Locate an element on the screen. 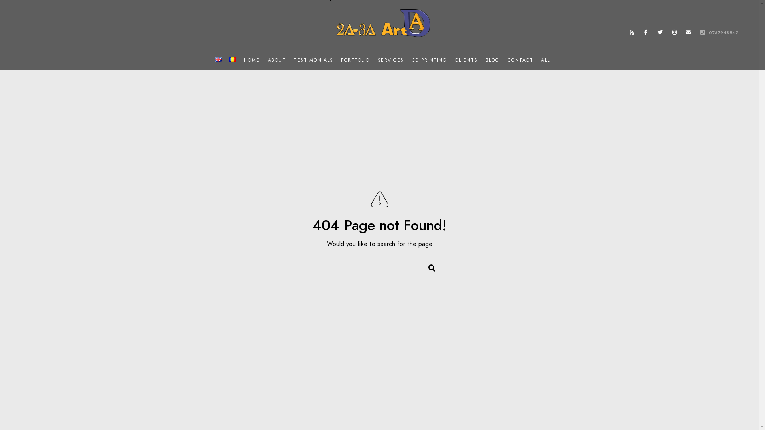  'Search' is located at coordinates (428, 267).